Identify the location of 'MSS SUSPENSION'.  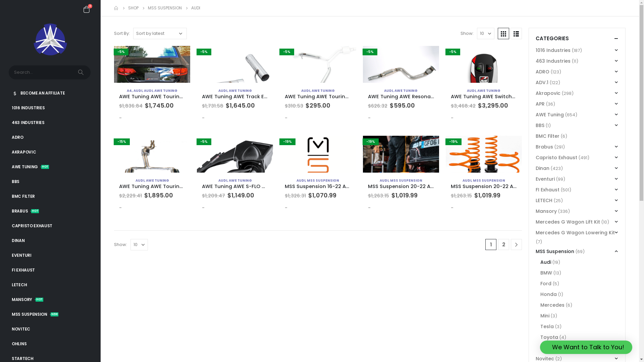
(165, 8).